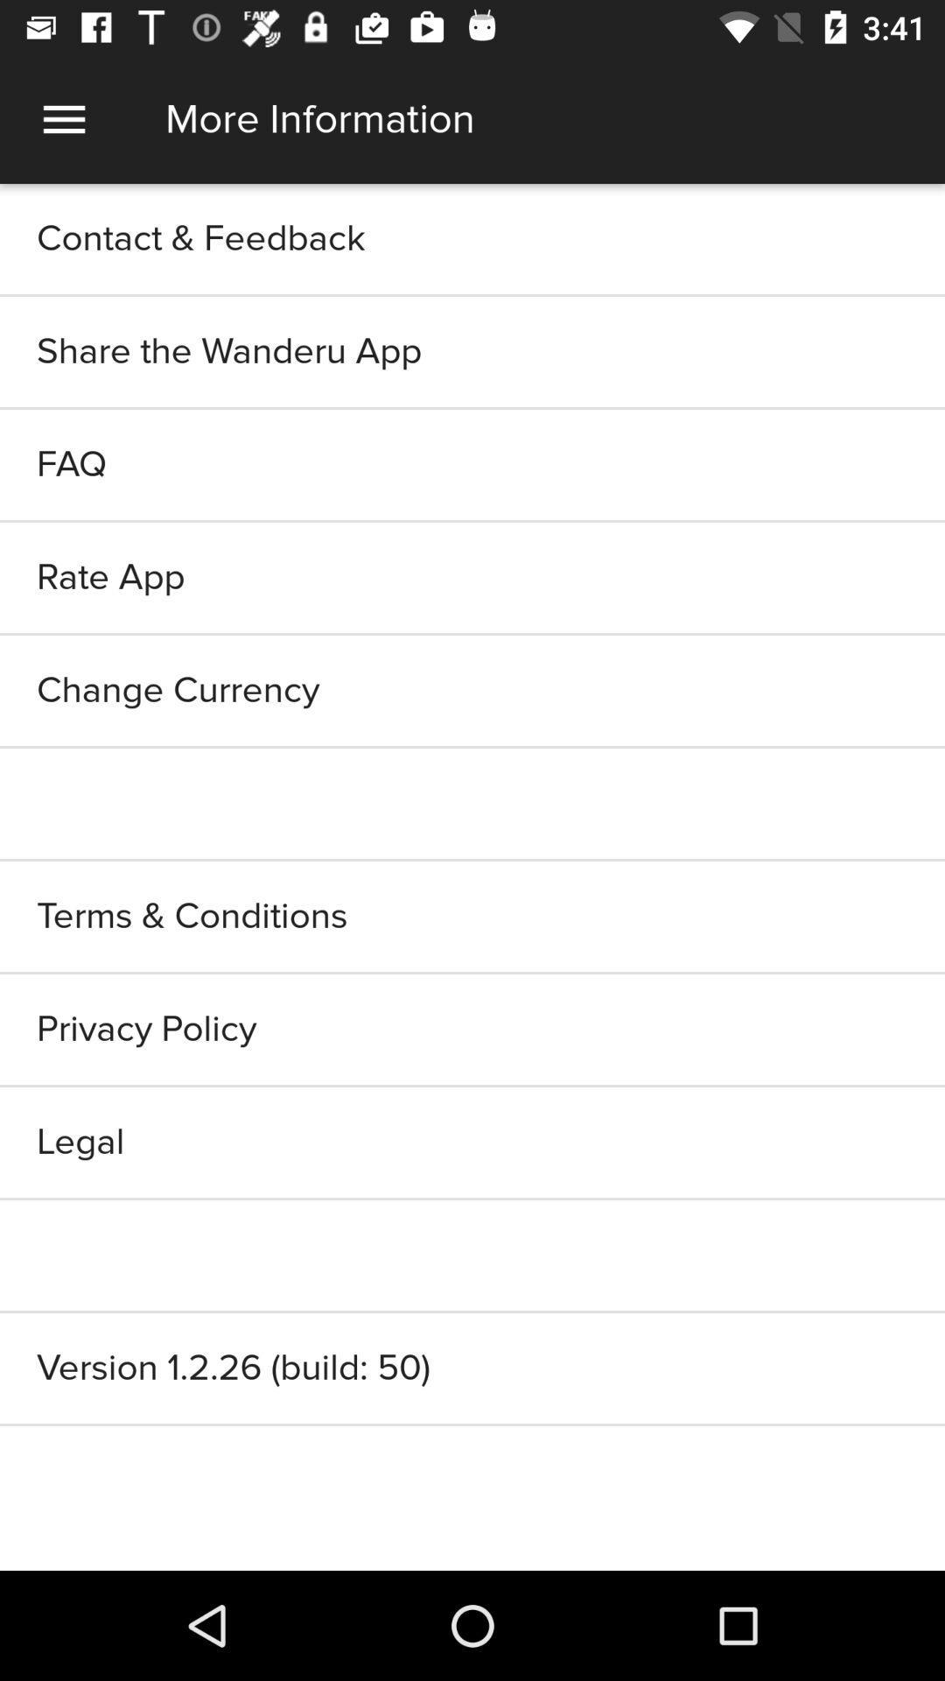  What do you see at coordinates (472, 238) in the screenshot?
I see `the icon above share the wanderu icon` at bounding box center [472, 238].